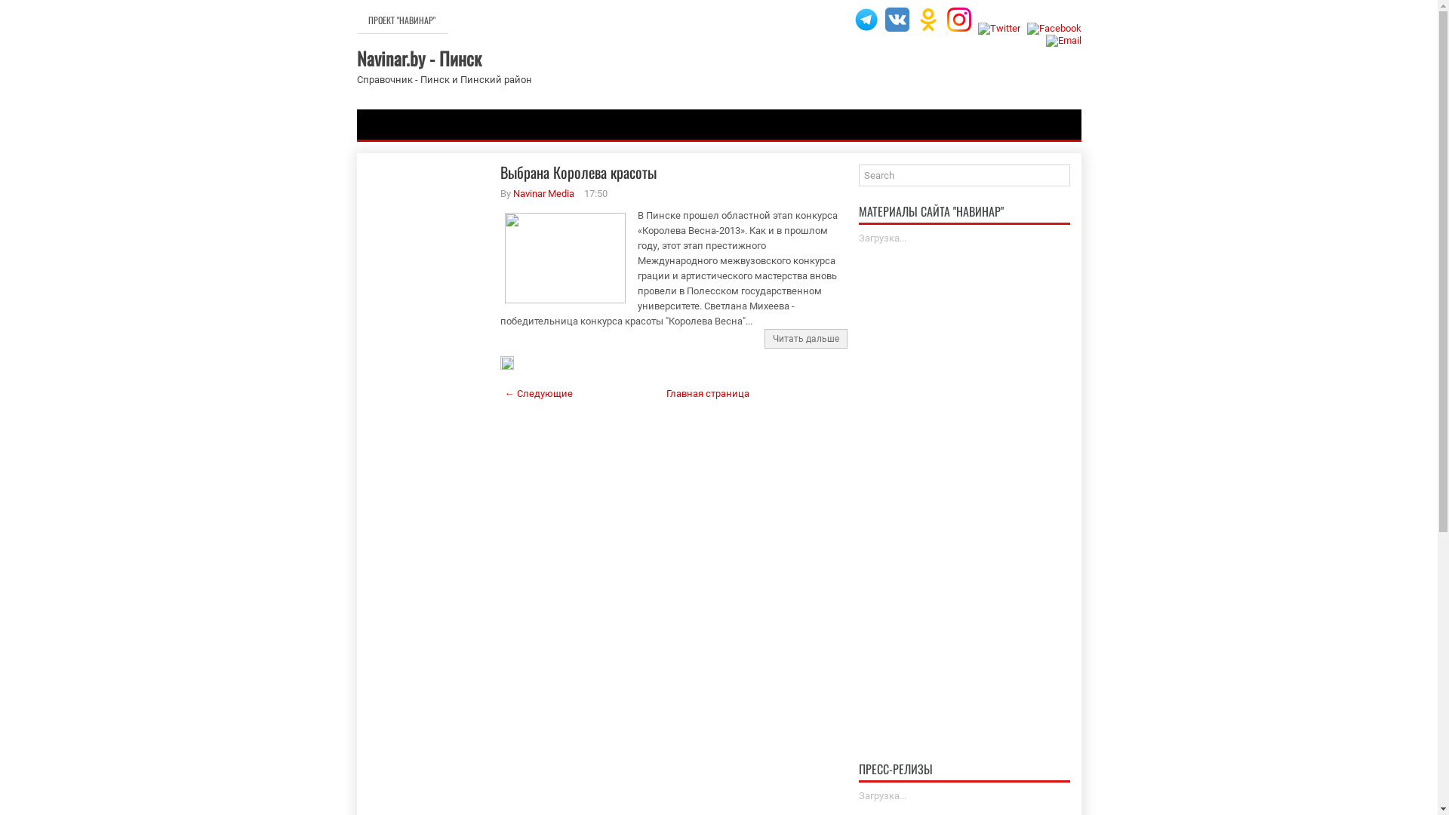 The width and height of the screenshot is (1449, 815). I want to click on 'Navinar Media', so click(543, 192).